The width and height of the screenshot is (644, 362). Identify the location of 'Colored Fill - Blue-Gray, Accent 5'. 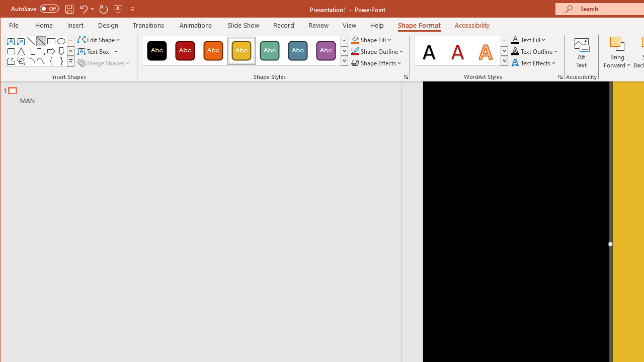
(297, 50).